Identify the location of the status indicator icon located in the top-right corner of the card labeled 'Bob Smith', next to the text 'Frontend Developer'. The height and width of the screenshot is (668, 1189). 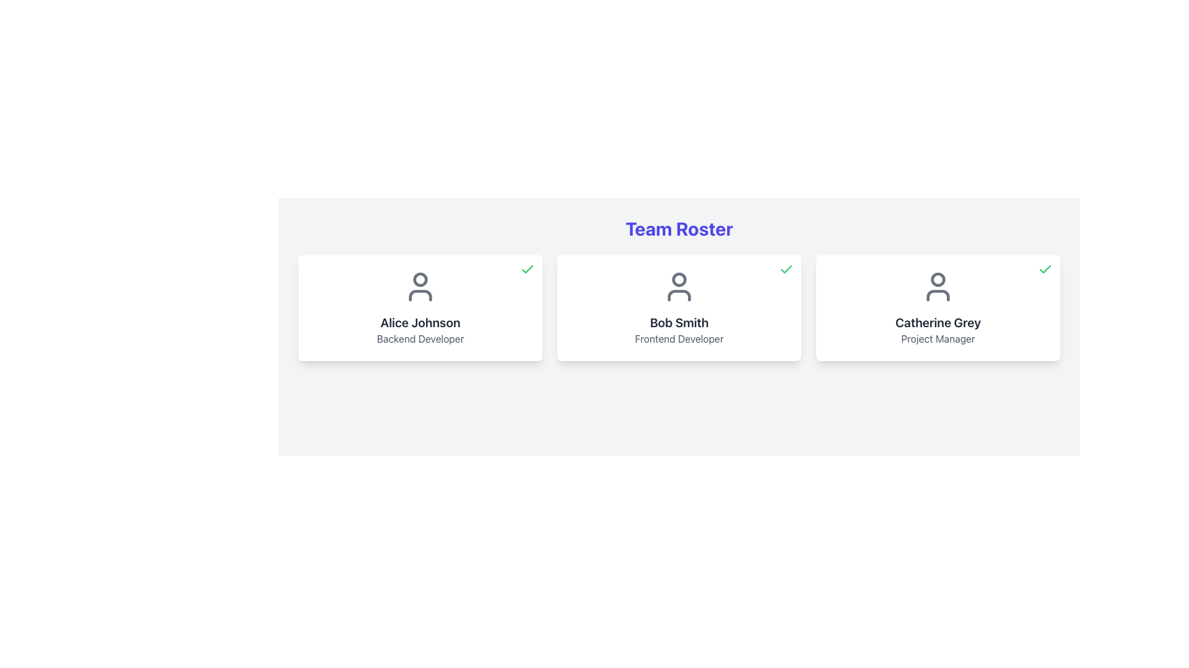
(786, 268).